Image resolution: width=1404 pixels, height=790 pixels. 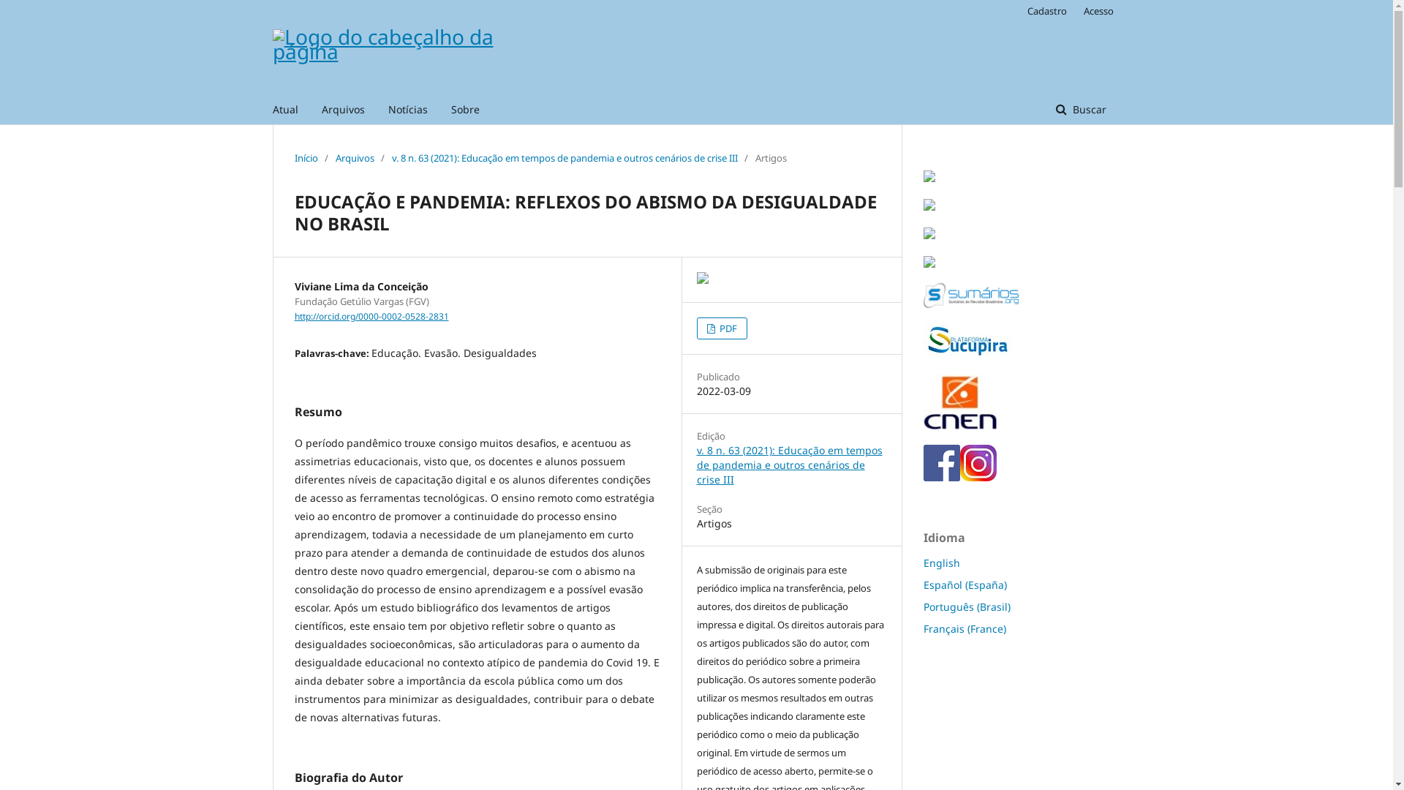 What do you see at coordinates (1095, 11) in the screenshot?
I see `'Acesso'` at bounding box center [1095, 11].